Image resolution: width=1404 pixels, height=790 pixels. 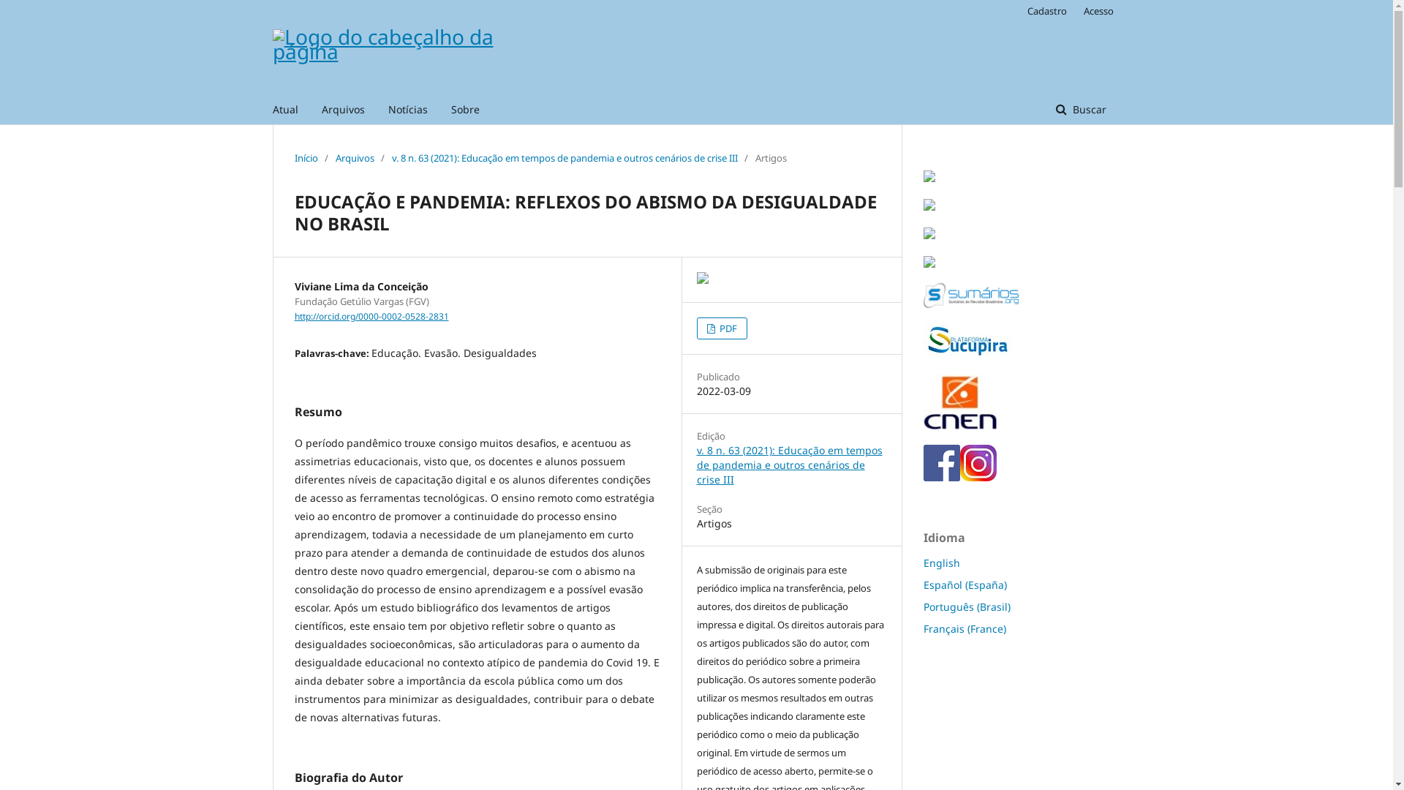 What do you see at coordinates (1095, 11) in the screenshot?
I see `'Acesso'` at bounding box center [1095, 11].